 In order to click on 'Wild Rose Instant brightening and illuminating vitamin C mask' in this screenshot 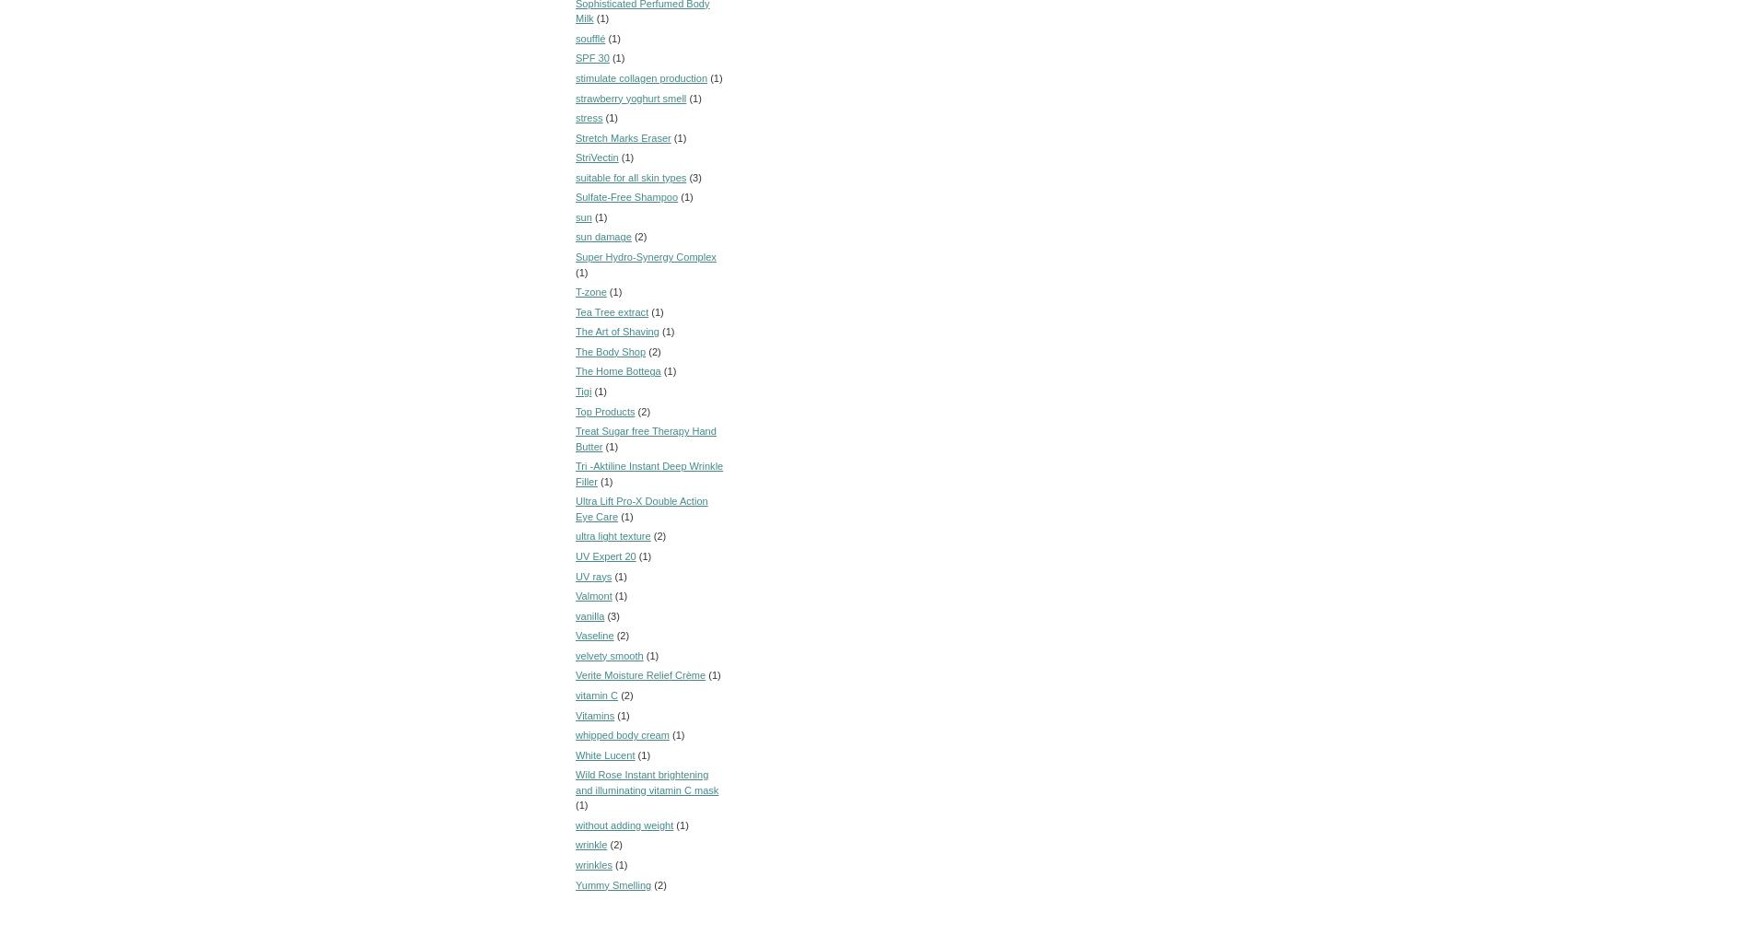, I will do `click(647, 781)`.